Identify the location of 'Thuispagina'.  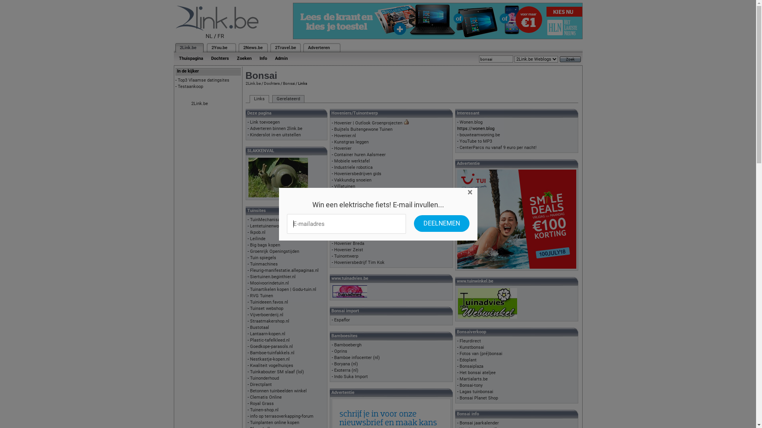
(190, 58).